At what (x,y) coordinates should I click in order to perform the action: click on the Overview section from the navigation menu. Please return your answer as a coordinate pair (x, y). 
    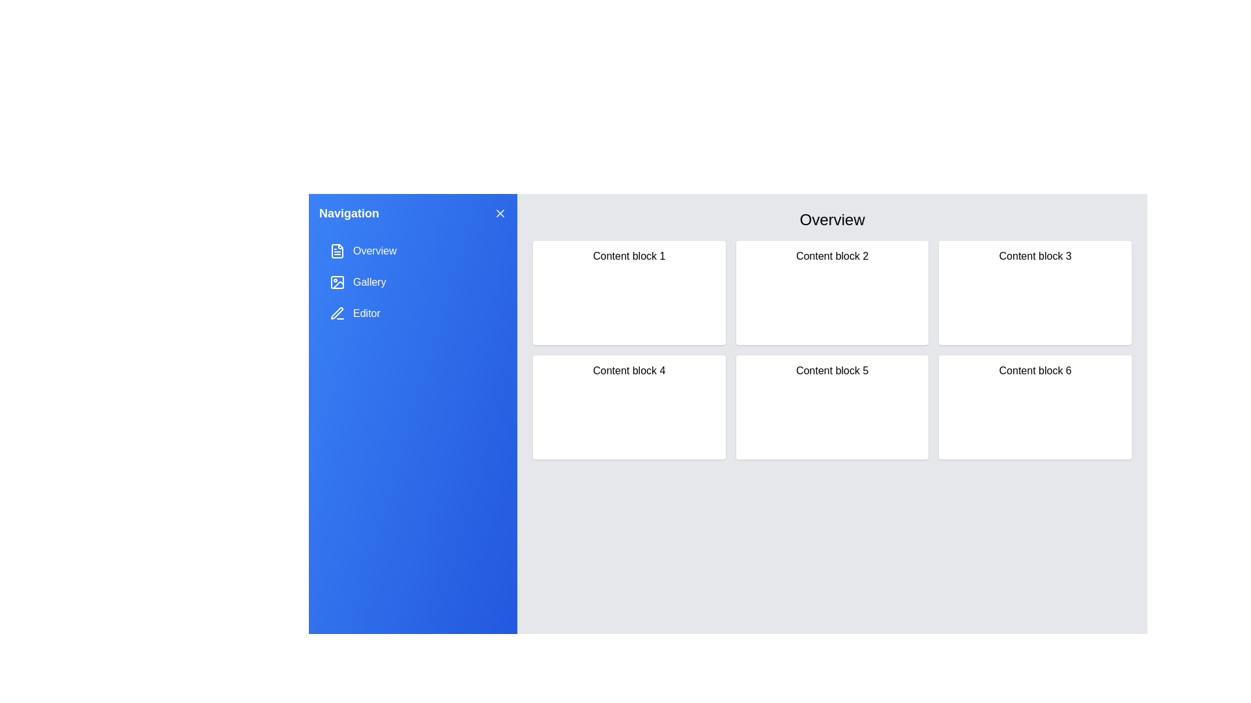
    Looking at the image, I should click on (412, 251).